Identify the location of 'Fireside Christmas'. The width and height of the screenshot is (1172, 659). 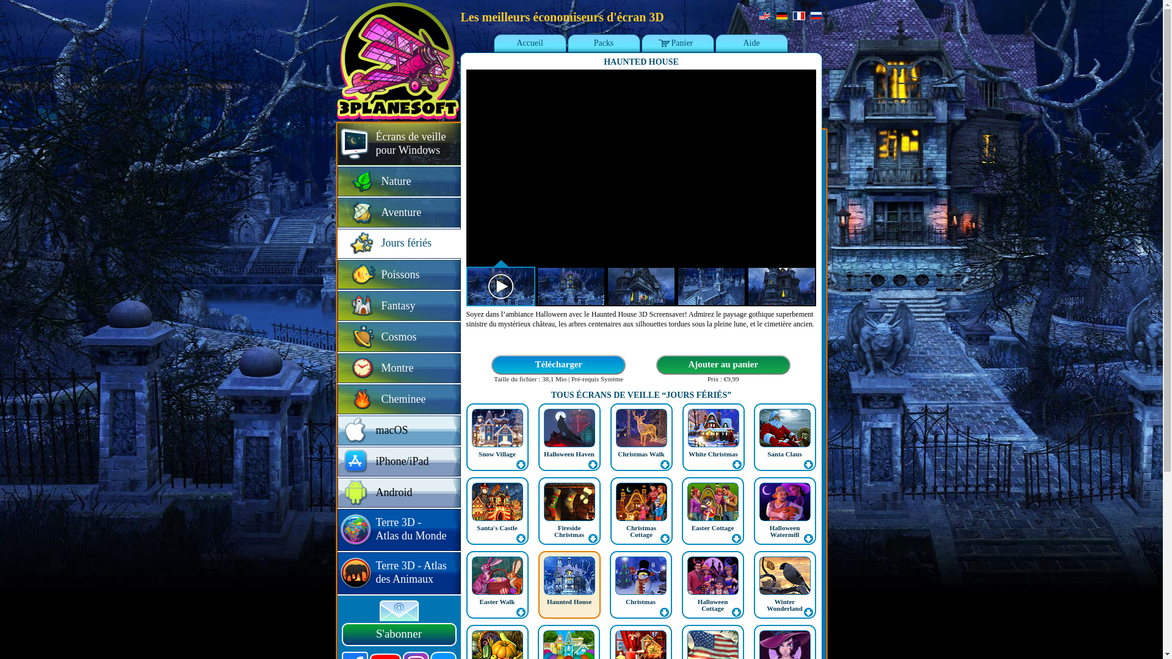
(568, 530).